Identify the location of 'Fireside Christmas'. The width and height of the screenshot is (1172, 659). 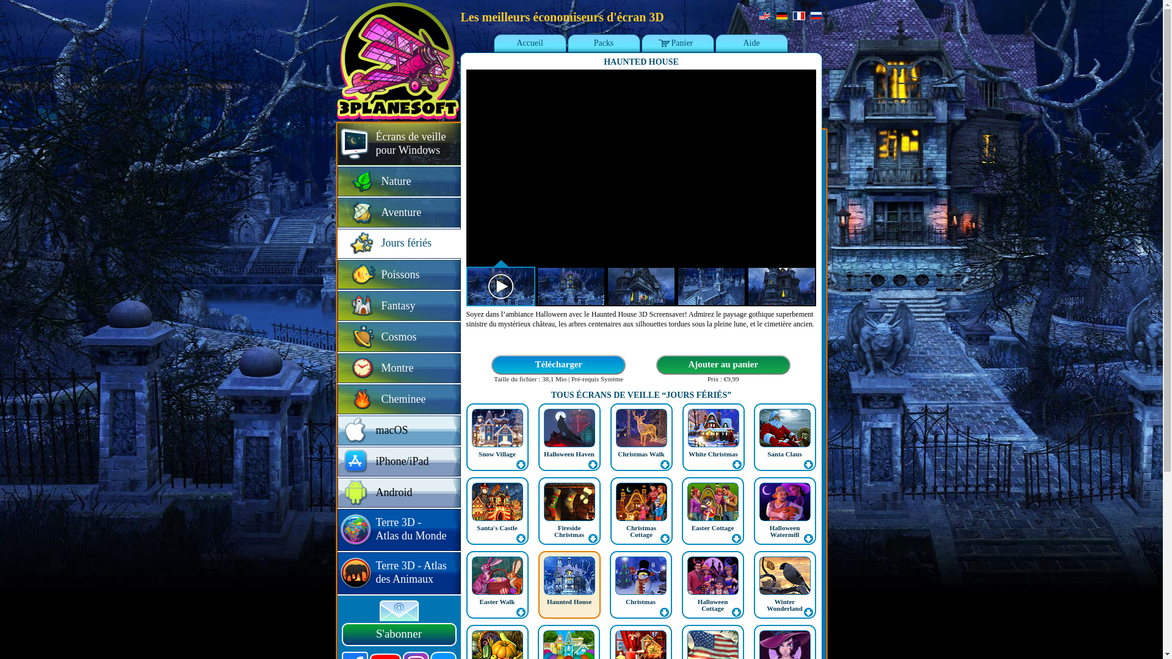
(568, 530).